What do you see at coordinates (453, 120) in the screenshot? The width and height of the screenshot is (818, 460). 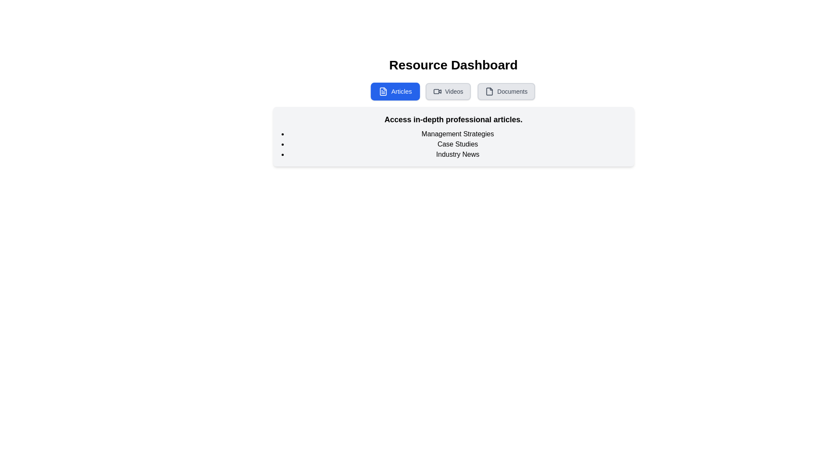 I see `the prominent text label that reads 'Access in-depth professional articles.' which is styled with a larger font and bold weight, located above a list of bullet points in a light gray rounded corner panel` at bounding box center [453, 120].